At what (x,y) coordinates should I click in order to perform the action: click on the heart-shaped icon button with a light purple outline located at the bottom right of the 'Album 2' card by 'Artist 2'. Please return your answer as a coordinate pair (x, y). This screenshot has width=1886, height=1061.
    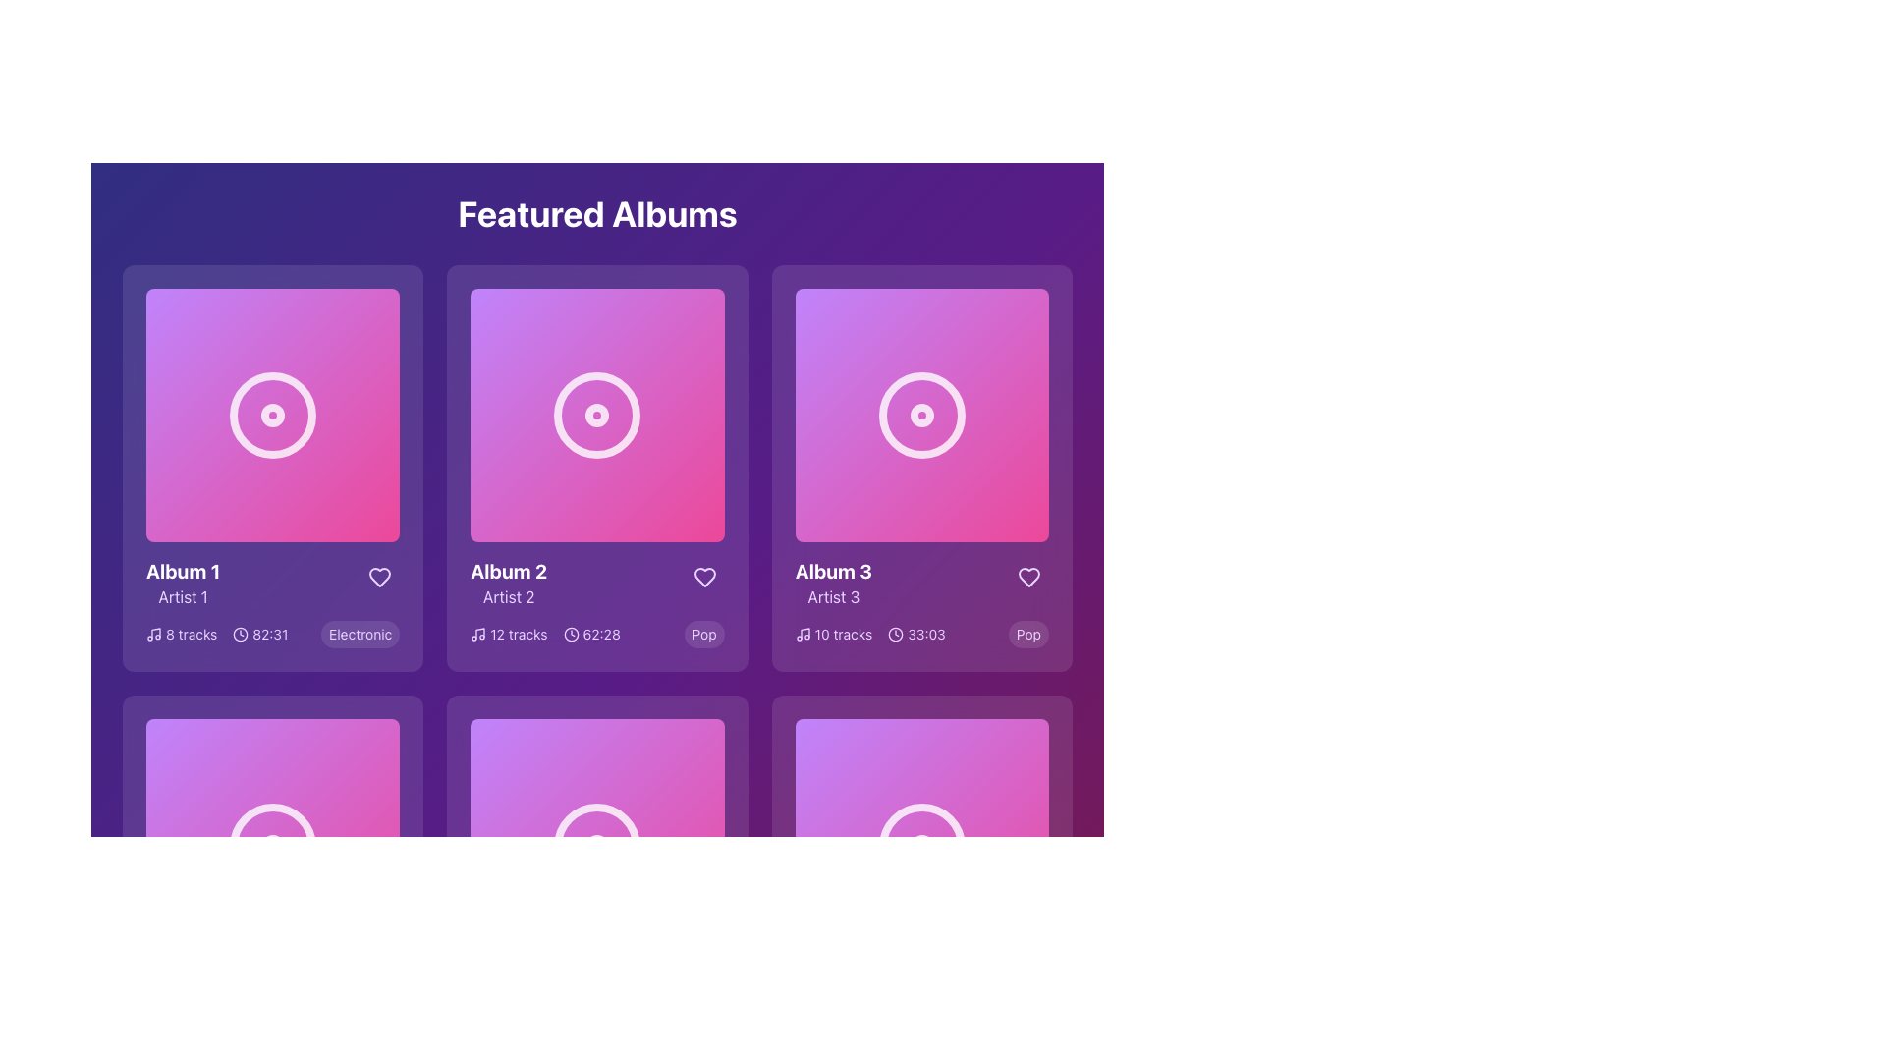
    Looking at the image, I should click on (704, 577).